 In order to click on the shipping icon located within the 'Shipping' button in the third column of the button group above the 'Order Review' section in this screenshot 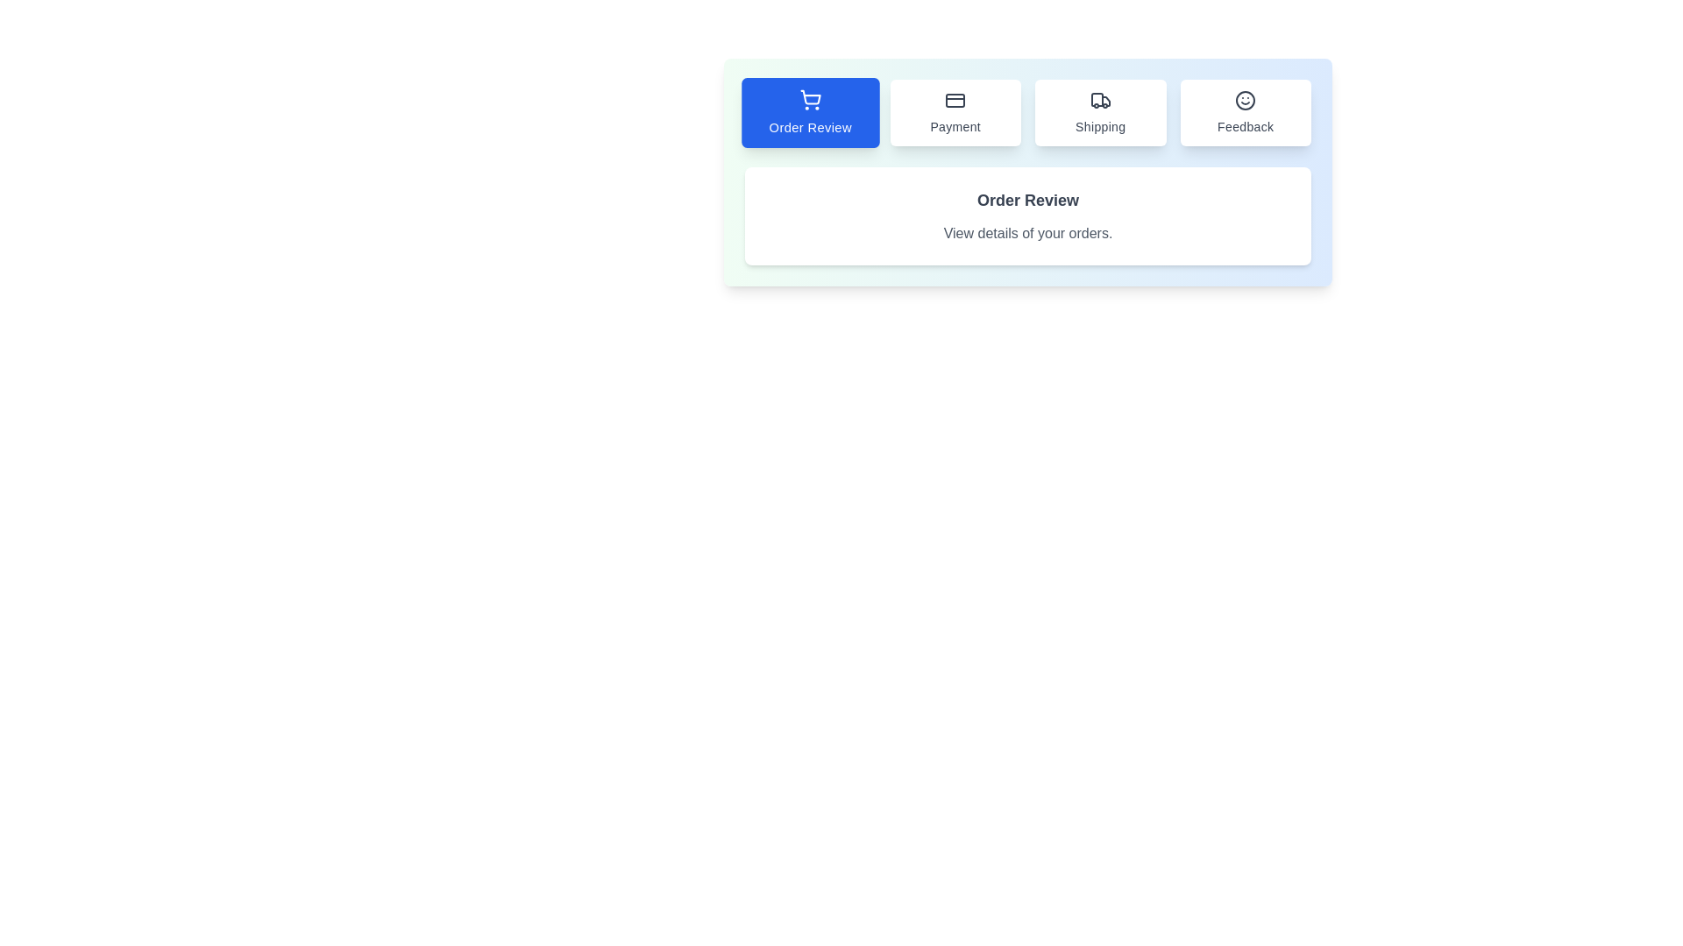, I will do `click(1099, 101)`.